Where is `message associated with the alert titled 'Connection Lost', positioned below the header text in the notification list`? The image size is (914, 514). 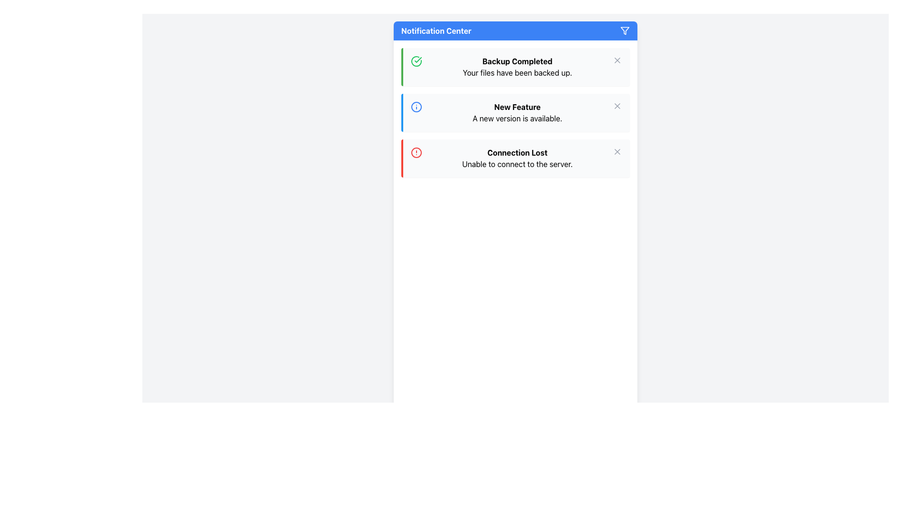
message associated with the alert titled 'Connection Lost', positioned below the header text in the notification list is located at coordinates (517, 163).